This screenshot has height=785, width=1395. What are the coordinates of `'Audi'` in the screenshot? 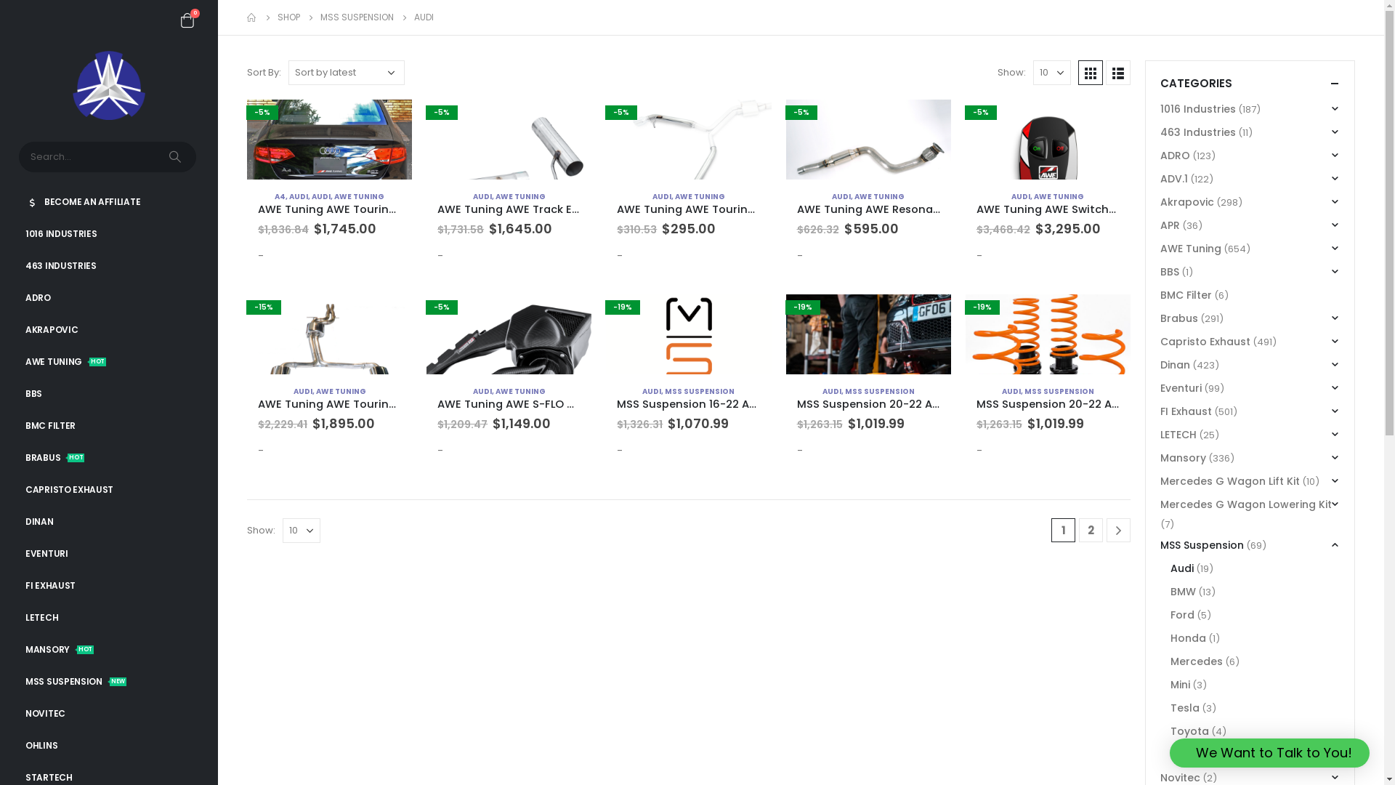 It's located at (1182, 568).